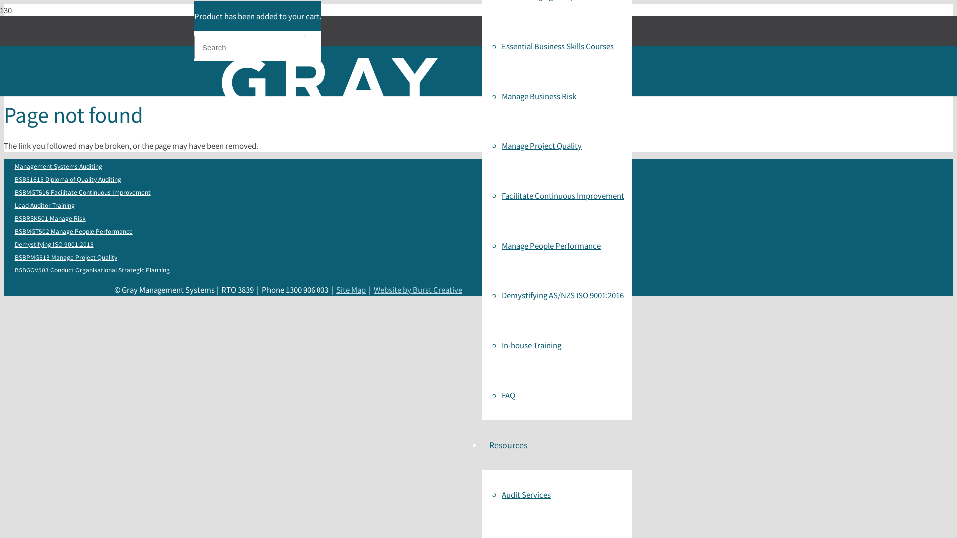  I want to click on 'FAQ', so click(508, 394).